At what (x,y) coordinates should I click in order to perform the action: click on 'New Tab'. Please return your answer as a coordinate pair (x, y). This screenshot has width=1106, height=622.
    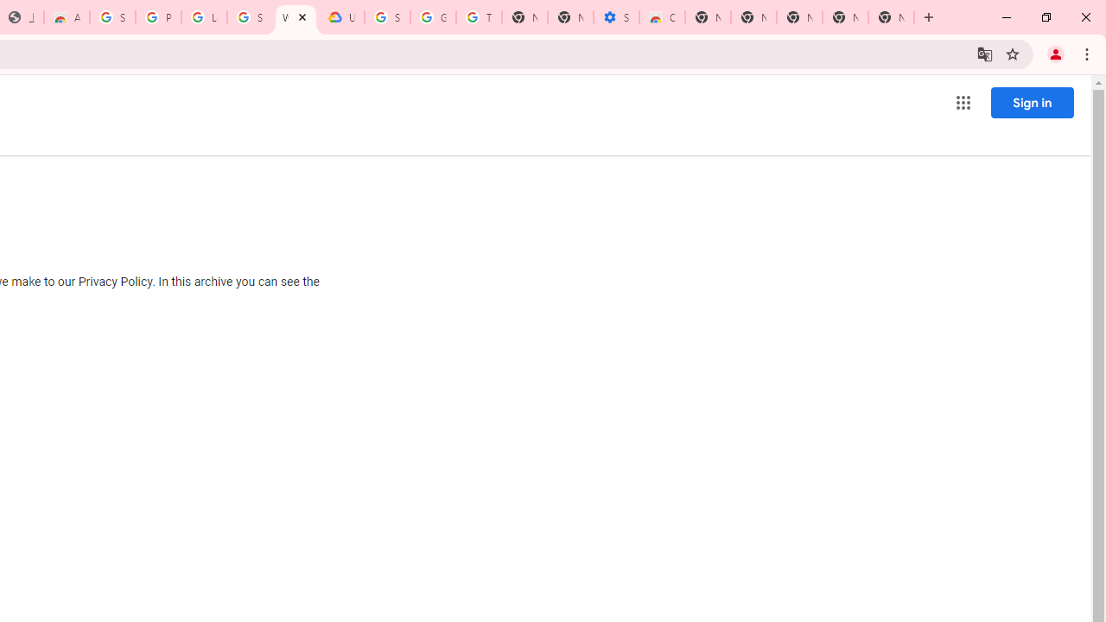
    Looking at the image, I should click on (891, 17).